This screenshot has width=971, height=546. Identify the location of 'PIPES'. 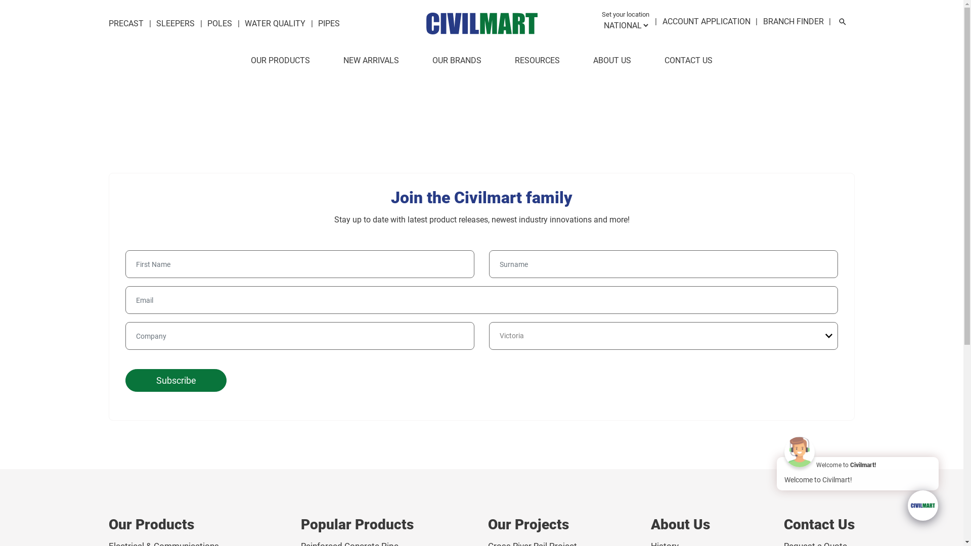
(329, 23).